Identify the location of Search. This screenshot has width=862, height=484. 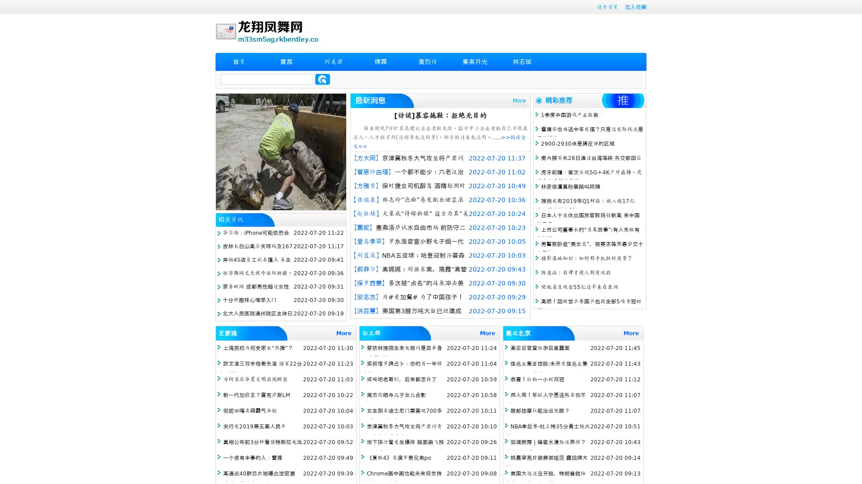
(322, 79).